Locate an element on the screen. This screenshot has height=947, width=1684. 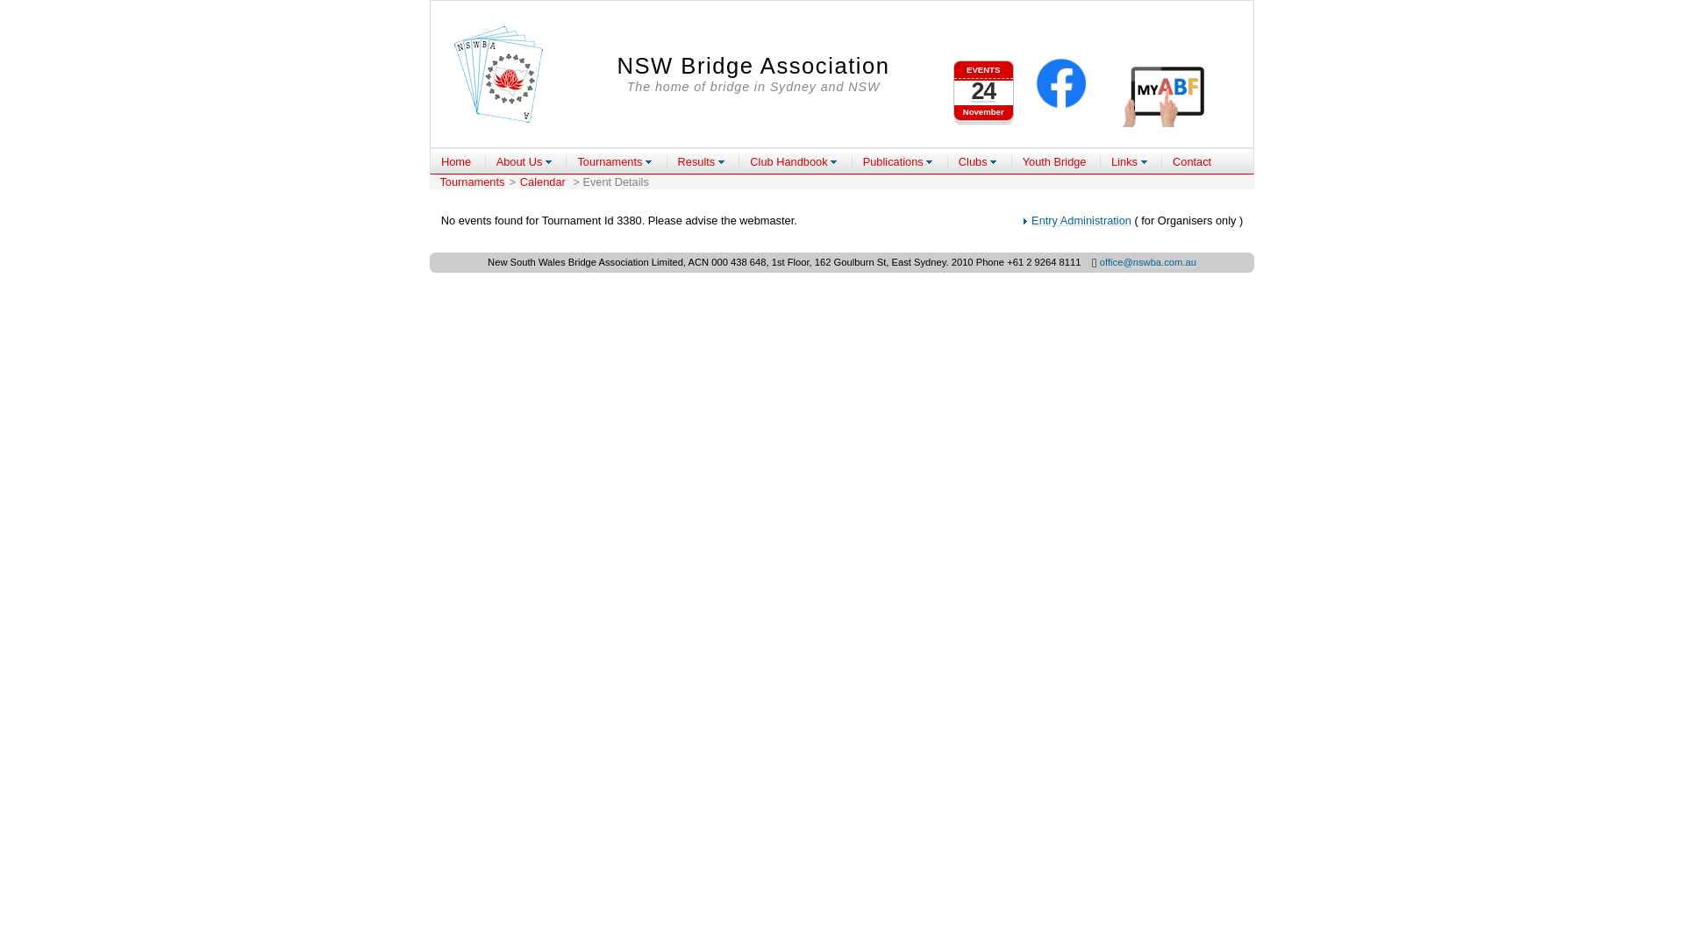
'Tournaments' is located at coordinates (614, 161).